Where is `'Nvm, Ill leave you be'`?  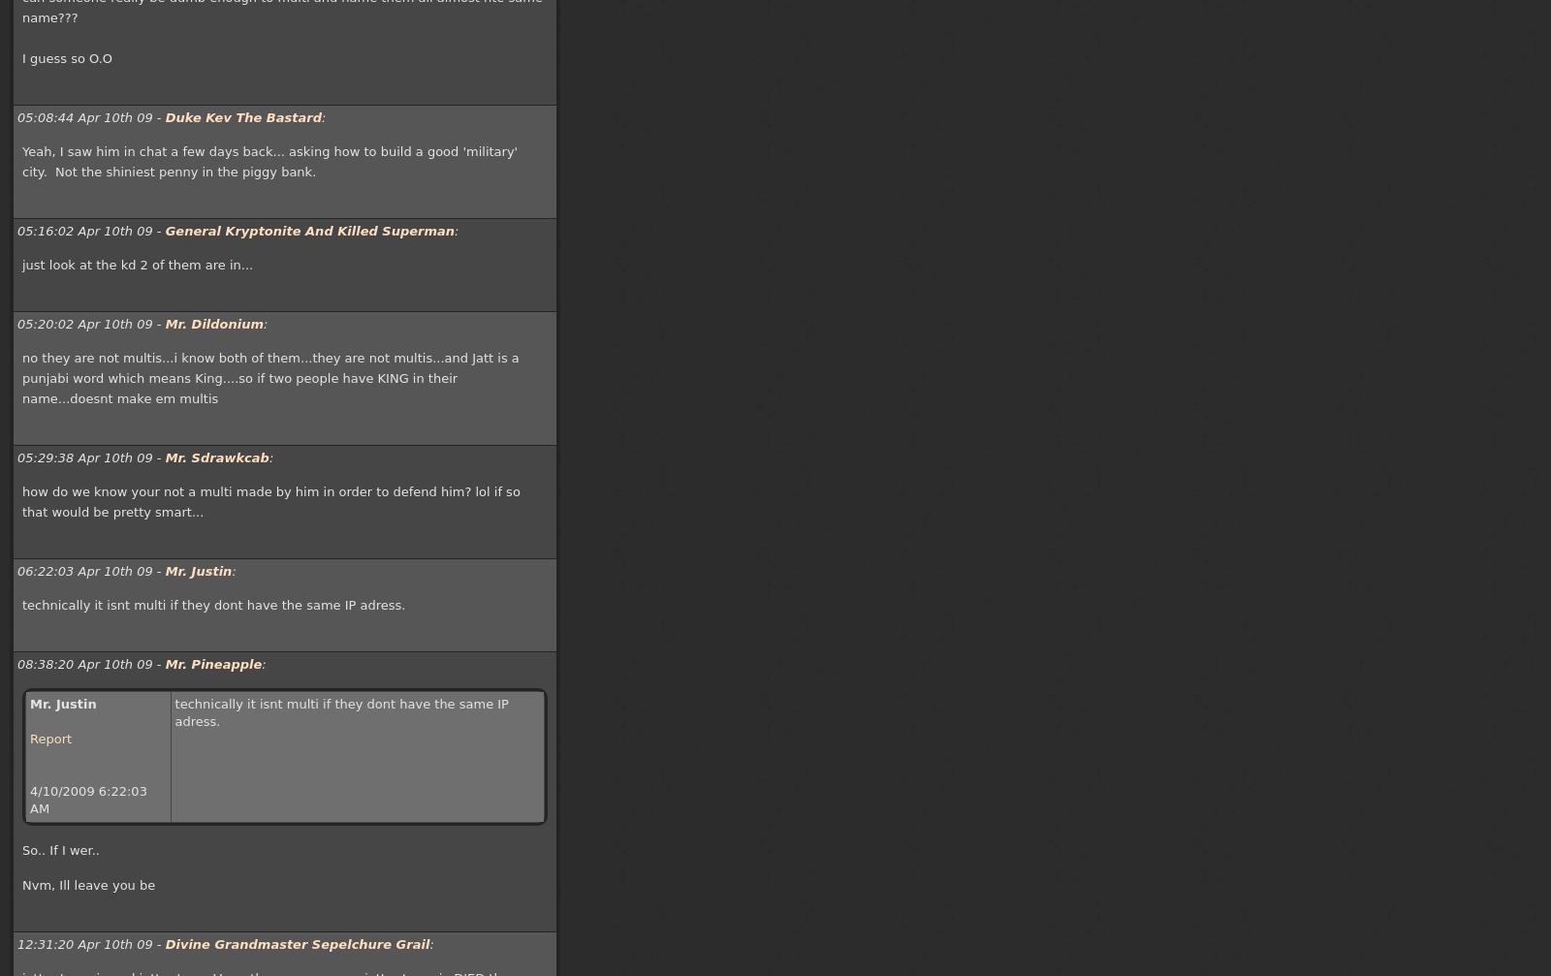
'Nvm, Ill leave you be' is located at coordinates (87, 884).